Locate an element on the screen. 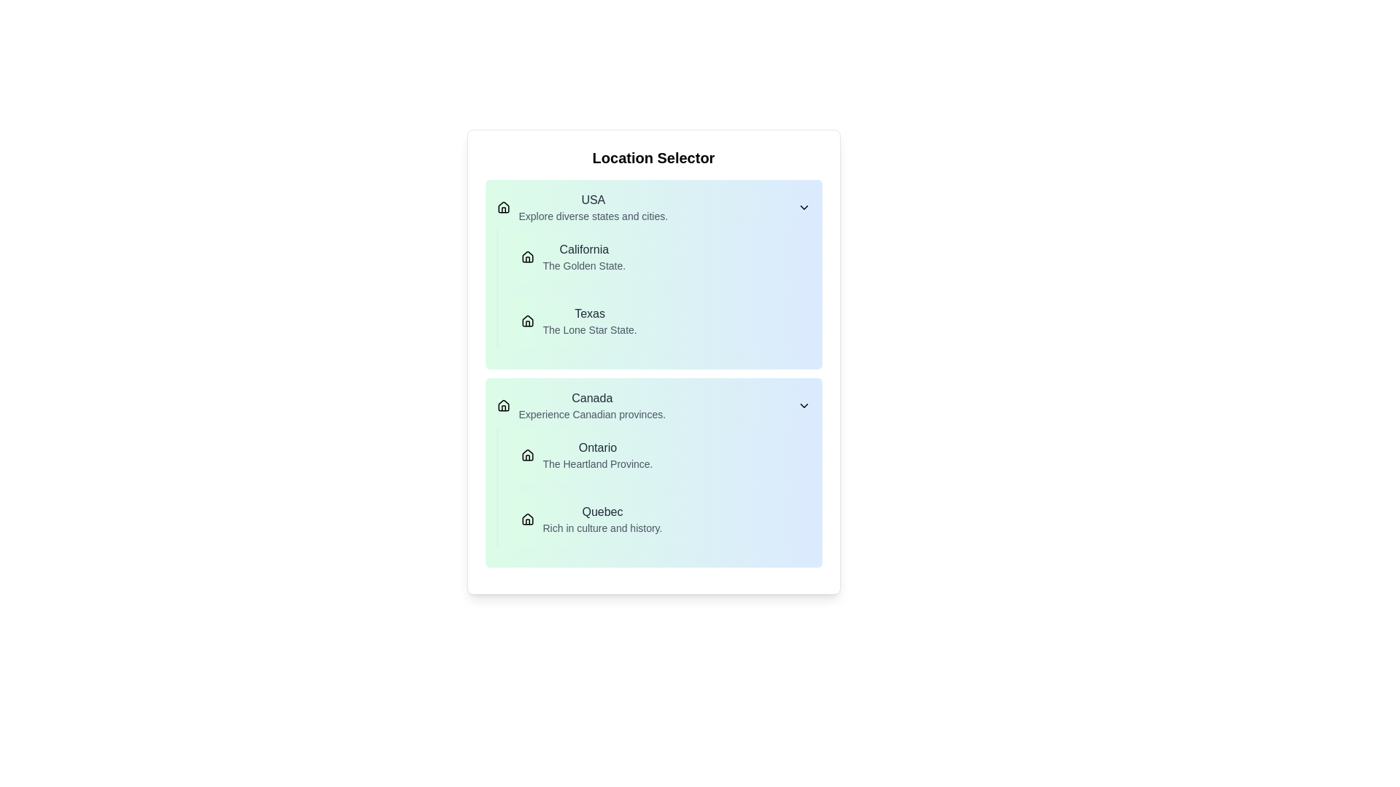 Image resolution: width=1400 pixels, height=787 pixels. the house icon representing the home in the Canada section of the location selector, positioned to the left of the text 'Ontario The Heartland Province.' is located at coordinates (526, 454).